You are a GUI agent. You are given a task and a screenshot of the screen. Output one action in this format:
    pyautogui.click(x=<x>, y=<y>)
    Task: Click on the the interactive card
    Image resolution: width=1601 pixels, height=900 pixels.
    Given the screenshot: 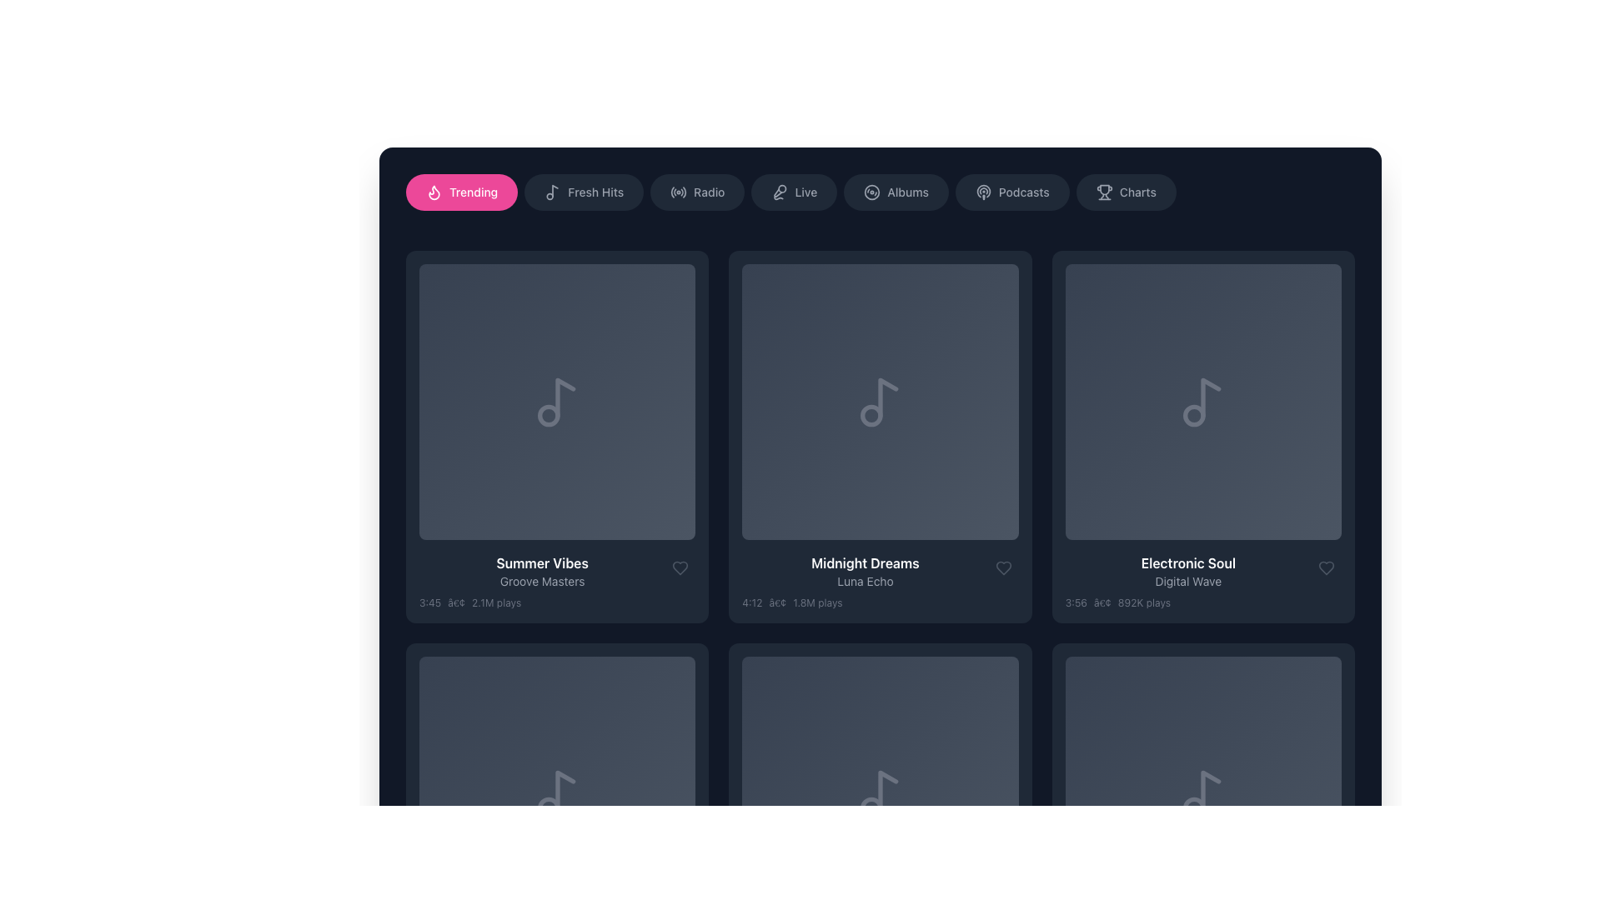 What is the action you would take?
    pyautogui.click(x=557, y=436)
    